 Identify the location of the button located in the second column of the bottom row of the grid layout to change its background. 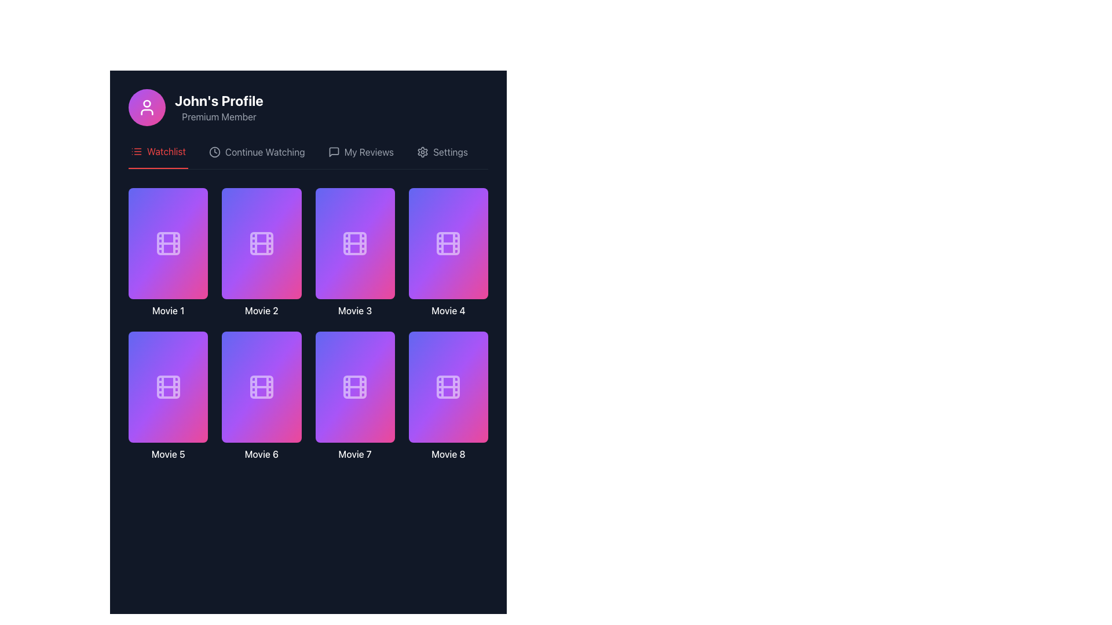
(367, 414).